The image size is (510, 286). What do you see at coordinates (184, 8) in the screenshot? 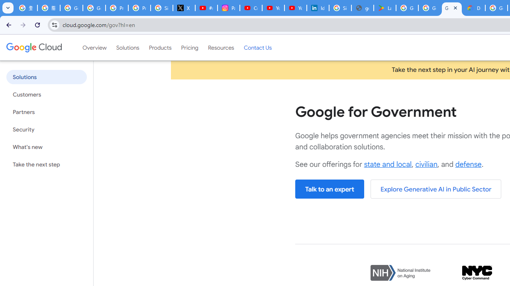
I see `'X'` at bounding box center [184, 8].